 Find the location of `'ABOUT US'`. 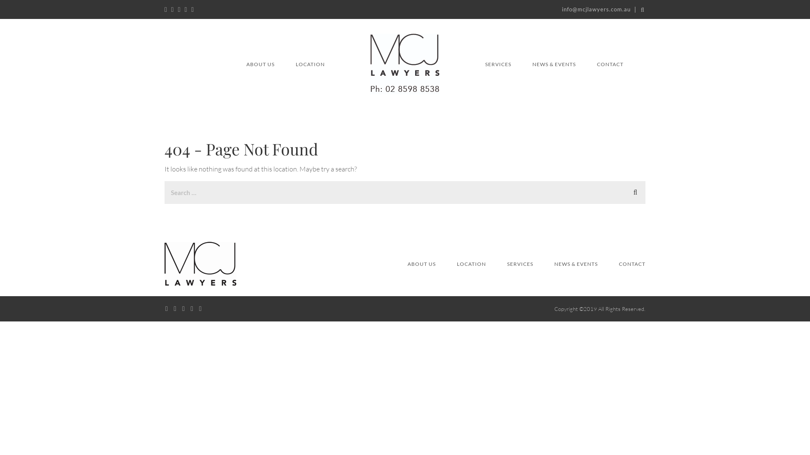

'ABOUT US' is located at coordinates (260, 64).